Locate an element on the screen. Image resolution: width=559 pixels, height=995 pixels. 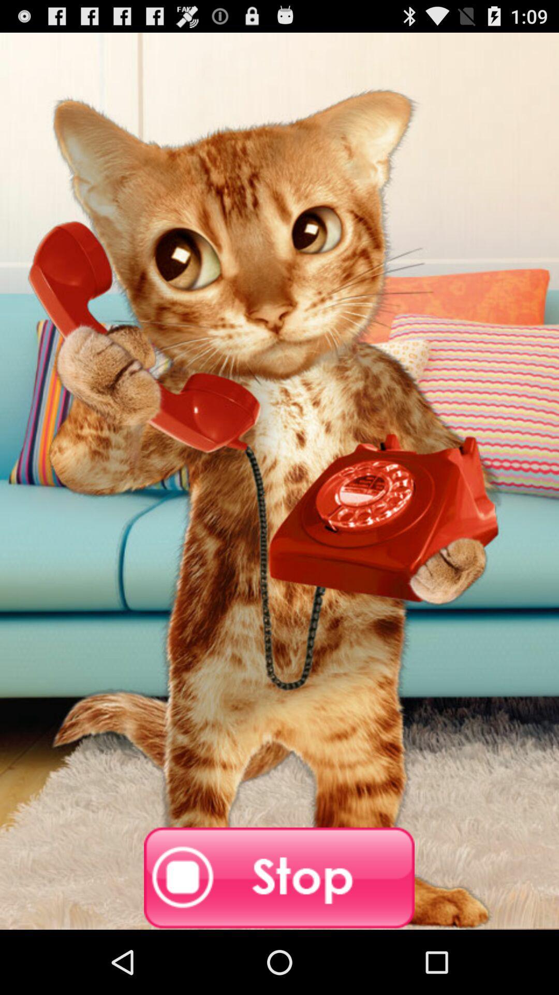
stop it is located at coordinates (278, 878).